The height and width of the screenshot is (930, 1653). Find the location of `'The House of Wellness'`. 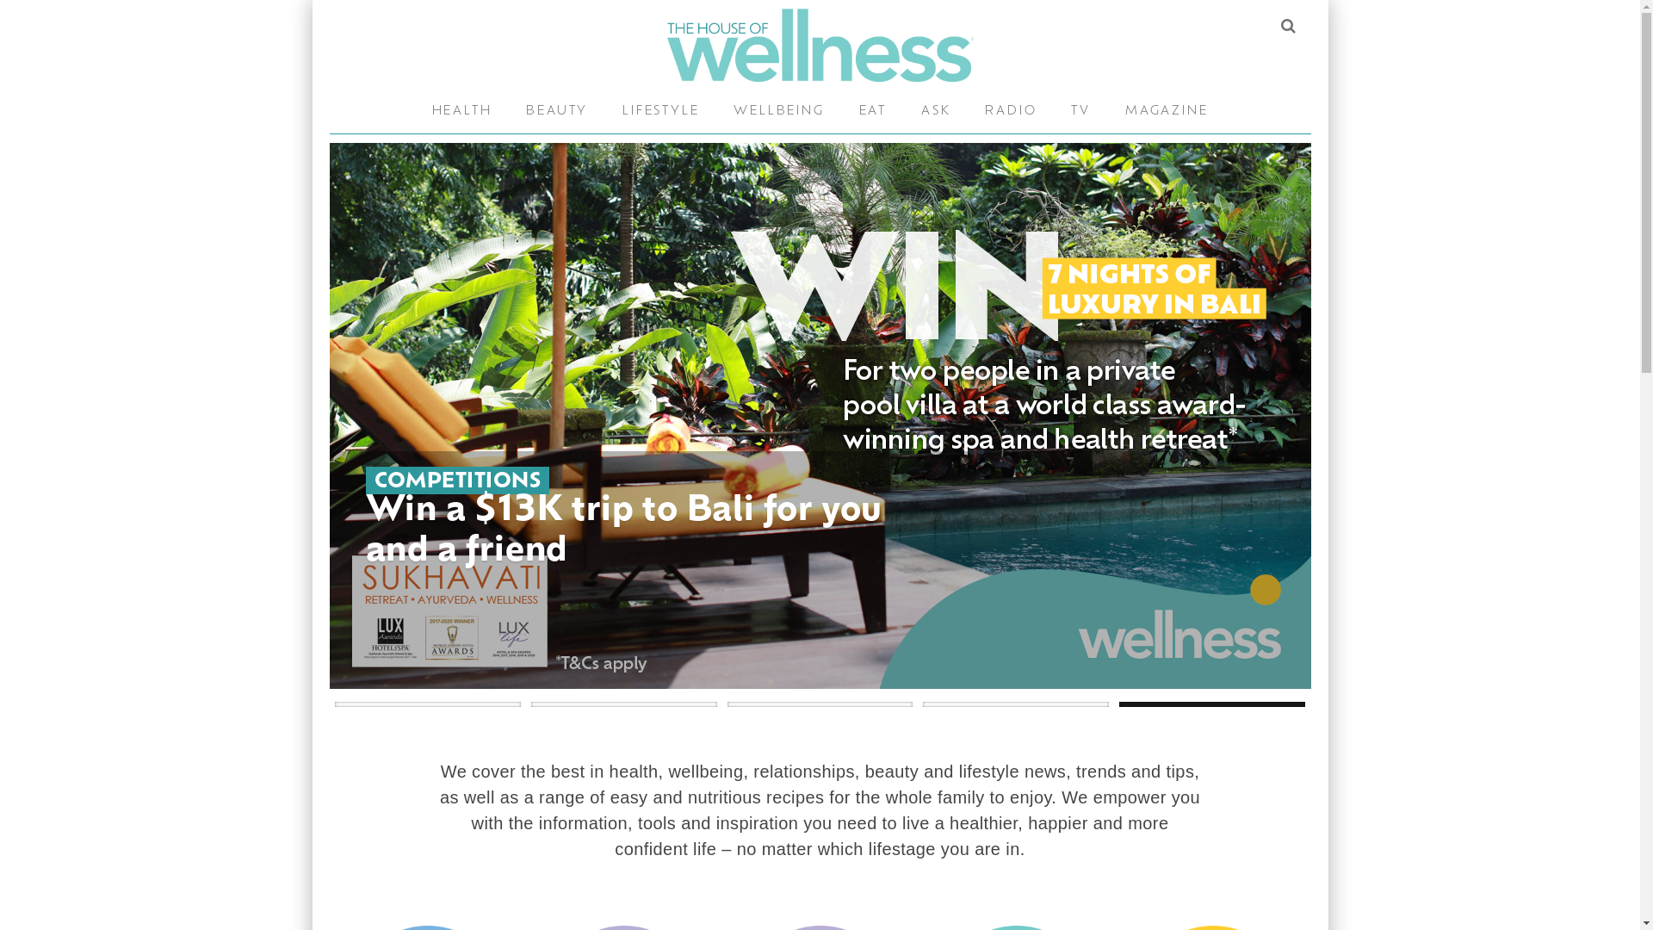

'The House of Wellness' is located at coordinates (818, 44).